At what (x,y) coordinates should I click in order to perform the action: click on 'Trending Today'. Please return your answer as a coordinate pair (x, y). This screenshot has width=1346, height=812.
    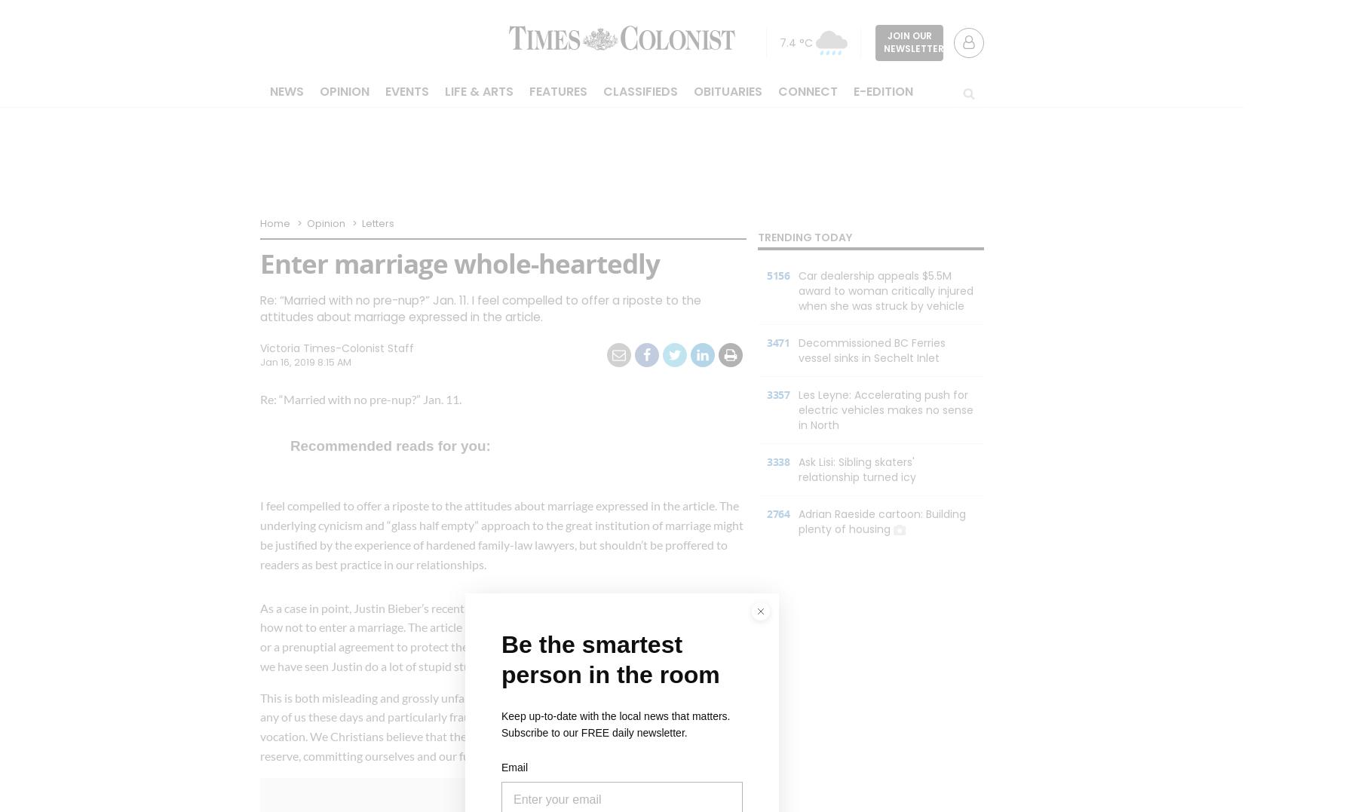
    Looking at the image, I should click on (805, 237).